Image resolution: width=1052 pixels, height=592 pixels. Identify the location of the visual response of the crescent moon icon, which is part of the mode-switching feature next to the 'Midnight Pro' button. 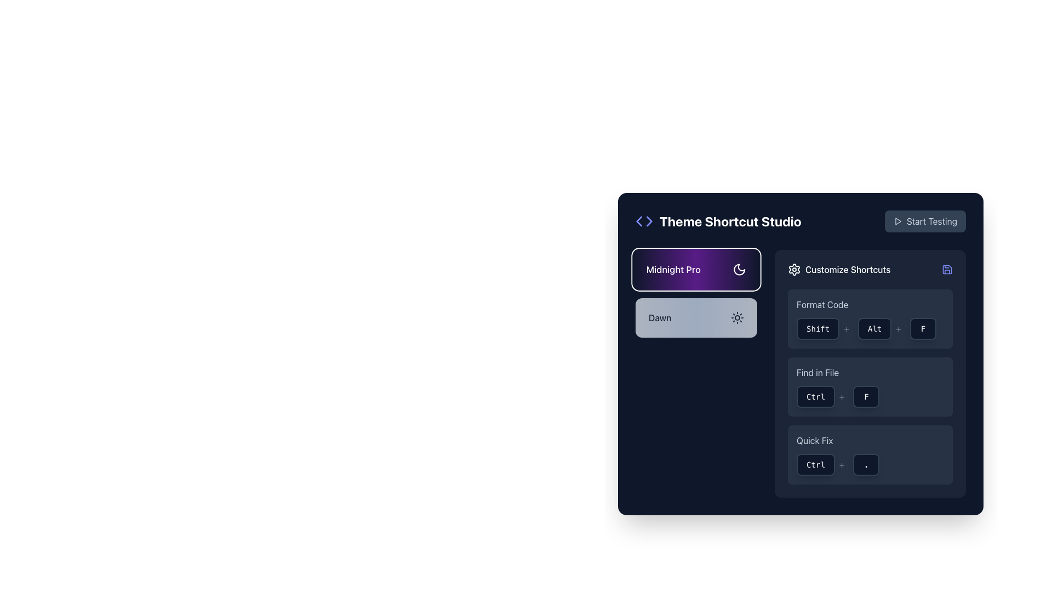
(739, 270).